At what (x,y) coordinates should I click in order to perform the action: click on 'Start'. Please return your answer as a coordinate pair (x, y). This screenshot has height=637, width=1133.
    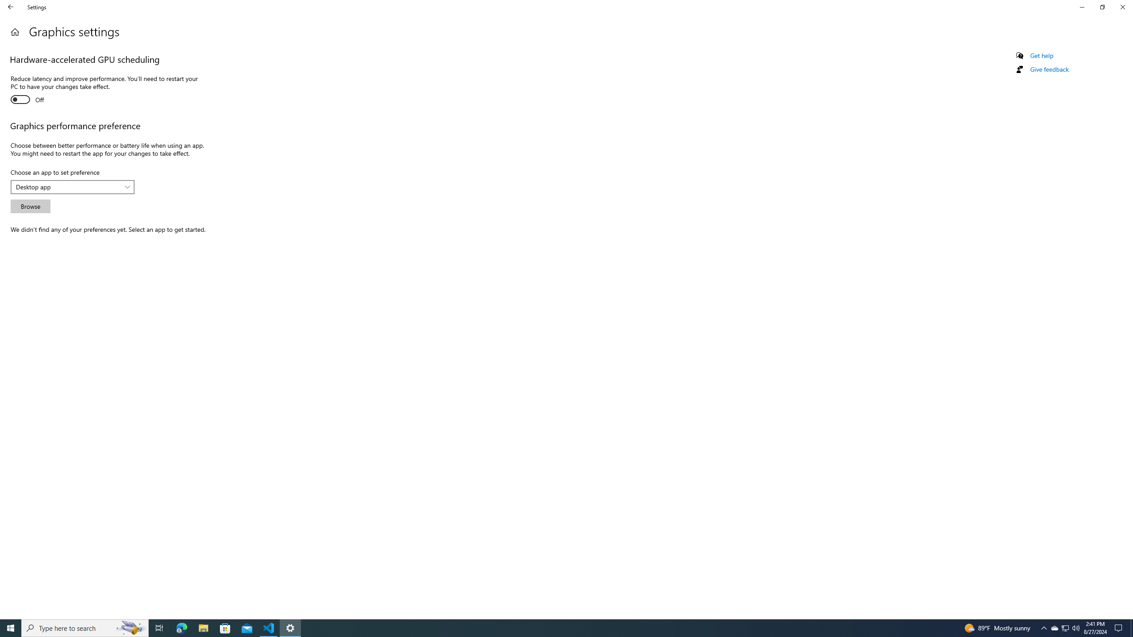
    Looking at the image, I should click on (11, 627).